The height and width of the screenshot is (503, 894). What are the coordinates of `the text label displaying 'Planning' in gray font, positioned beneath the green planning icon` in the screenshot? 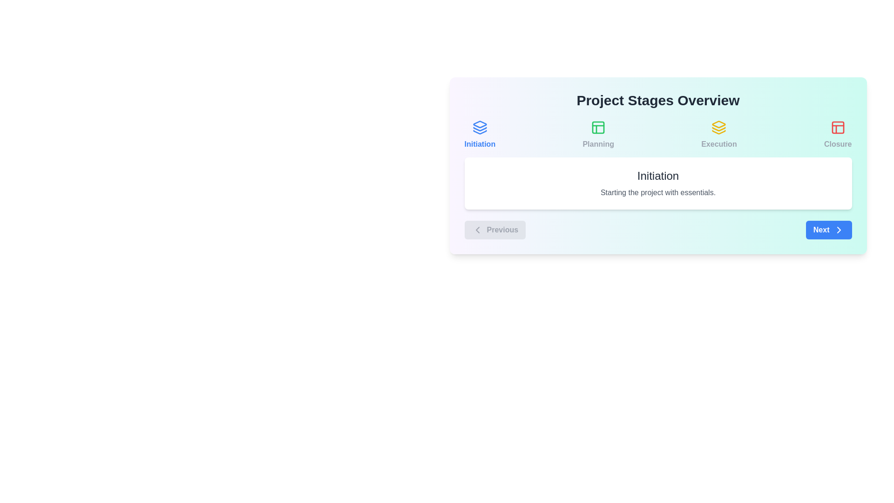 It's located at (598, 144).